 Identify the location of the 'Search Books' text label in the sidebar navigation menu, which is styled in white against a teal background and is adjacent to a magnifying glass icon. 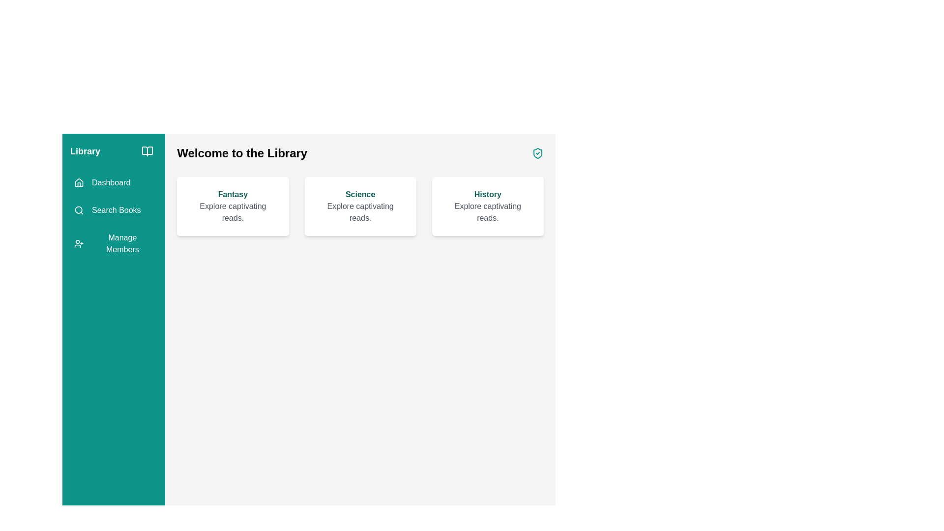
(116, 210).